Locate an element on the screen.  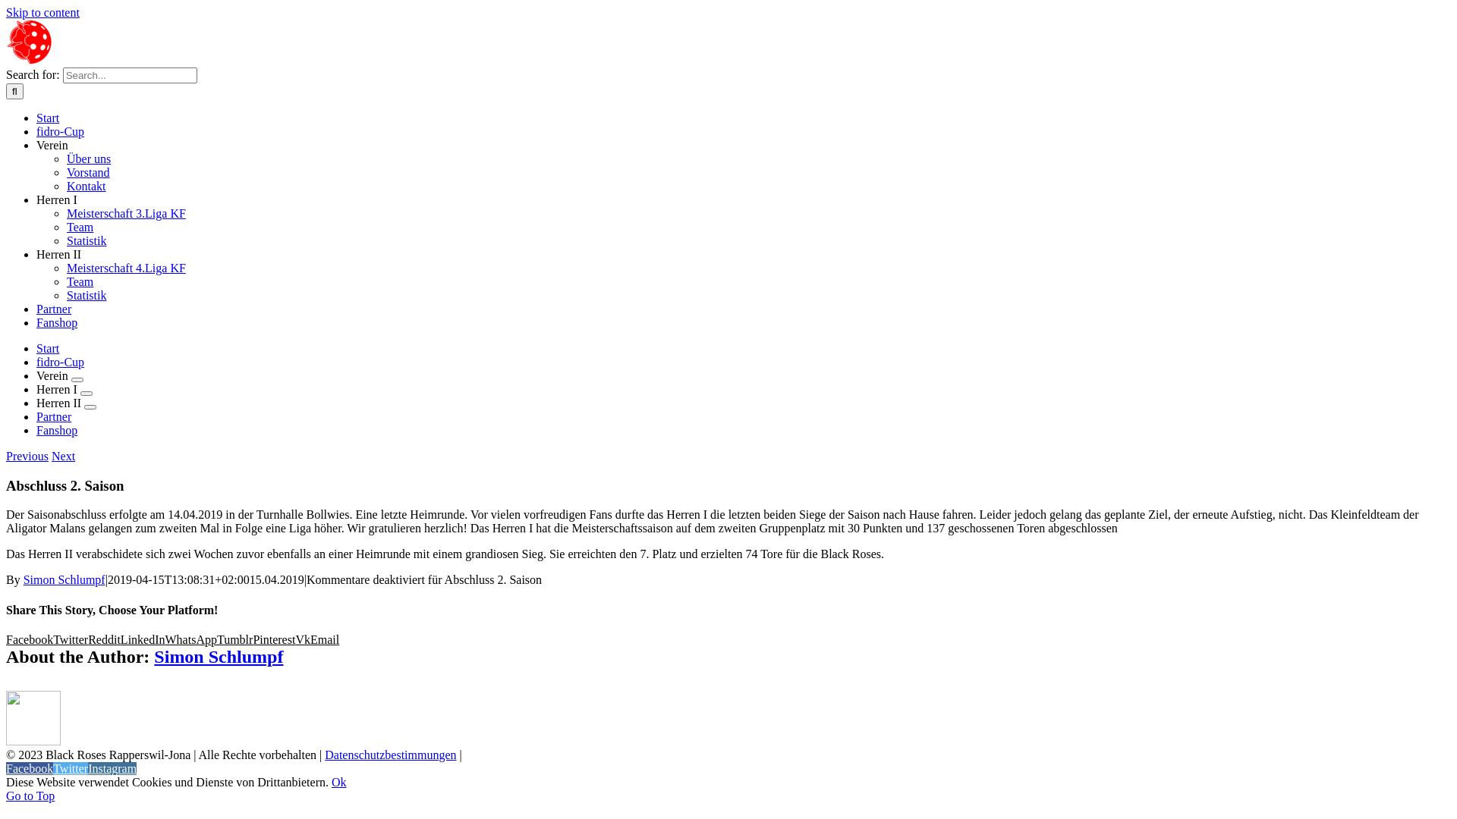
'Datenschutzbestimmungen' is located at coordinates (323, 755).